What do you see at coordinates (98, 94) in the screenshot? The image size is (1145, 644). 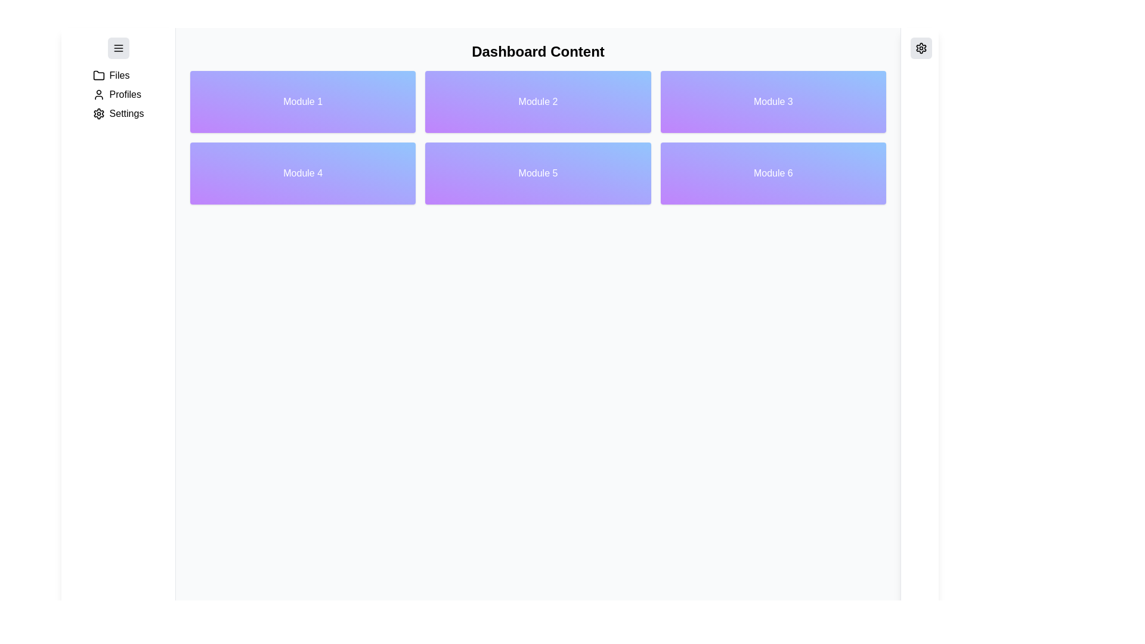 I see `the user icon represented as a line-drawn head and shoulders figure located in the sidebar, directly to the left of the 'Profiles' label` at bounding box center [98, 94].